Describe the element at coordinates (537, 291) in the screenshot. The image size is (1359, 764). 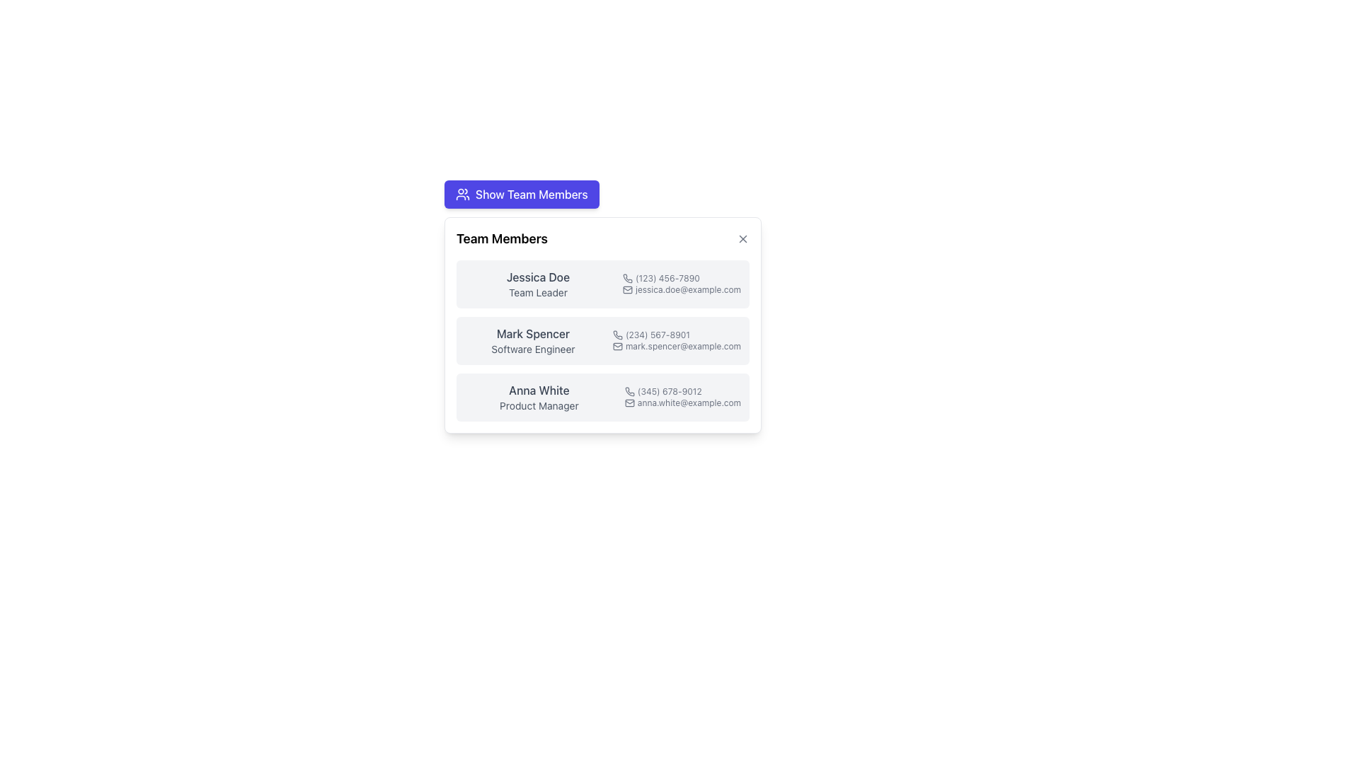
I see `the text label reading 'Team Leader' located directly beneath 'Jessica Doe' in the contact information card within the 'Team Members' dialog box` at that location.